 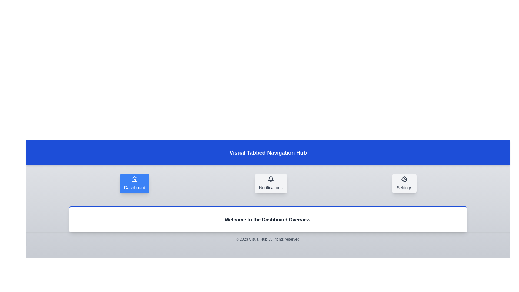 What do you see at coordinates (268, 183) in the screenshot?
I see `the Notifications navigation tab, which is a dropdown tab with a bell icon and light gray background, located in the middle of a 3-tab navigation bar` at bounding box center [268, 183].